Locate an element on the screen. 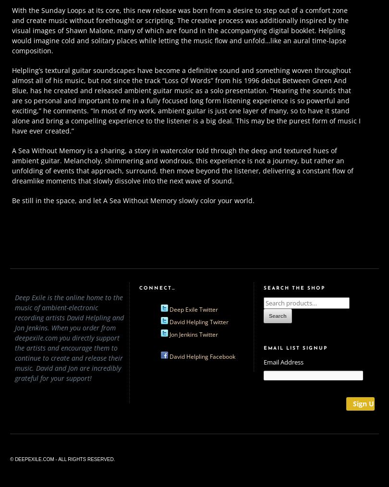 The width and height of the screenshot is (389, 487). 'Email List Signup' is located at coordinates (295, 348).